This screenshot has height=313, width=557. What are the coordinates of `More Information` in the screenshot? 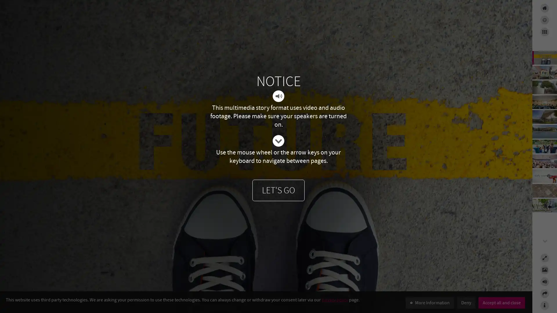 It's located at (430, 303).